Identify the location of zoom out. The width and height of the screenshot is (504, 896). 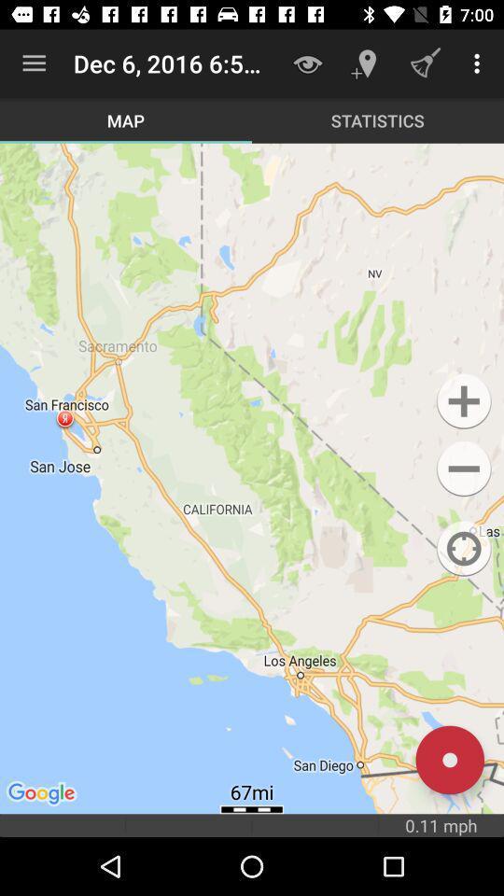
(463, 468).